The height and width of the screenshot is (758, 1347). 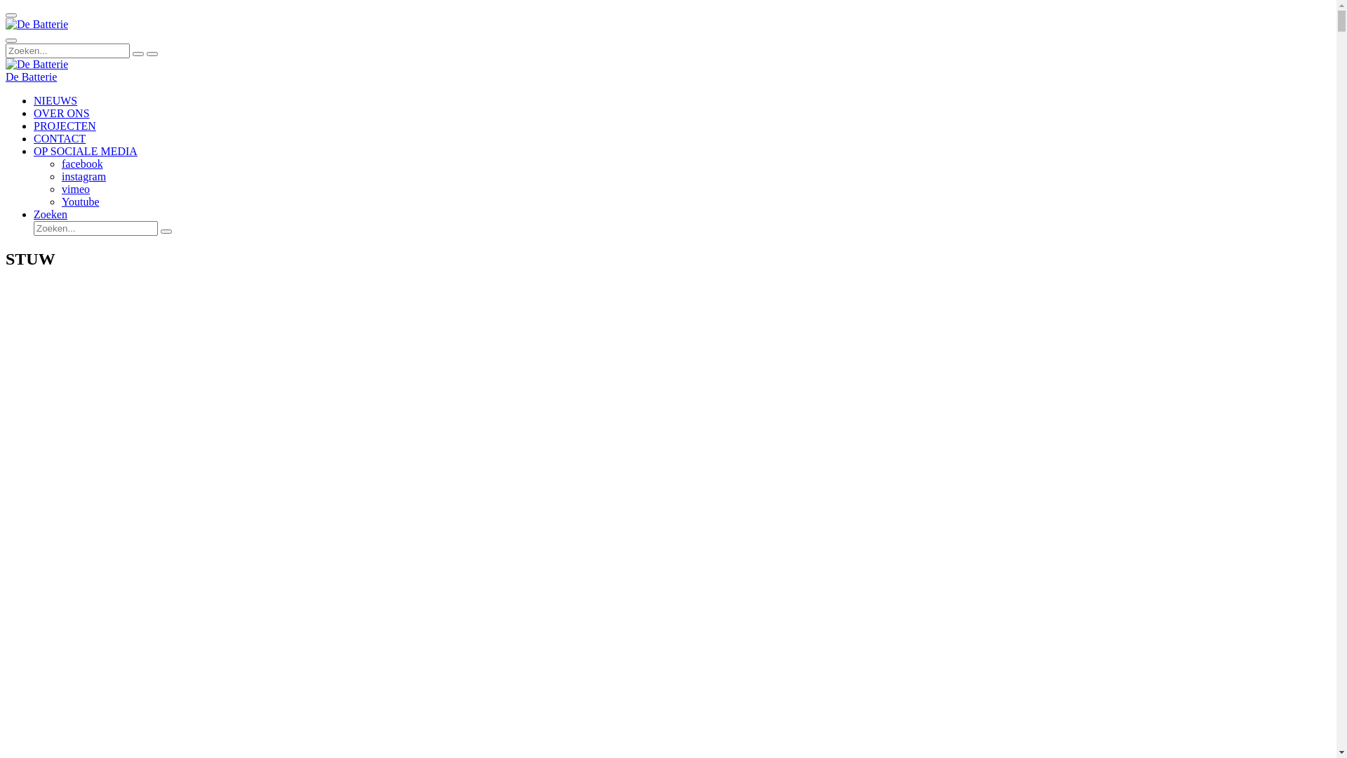 What do you see at coordinates (34, 112) in the screenshot?
I see `'OVER ONS'` at bounding box center [34, 112].